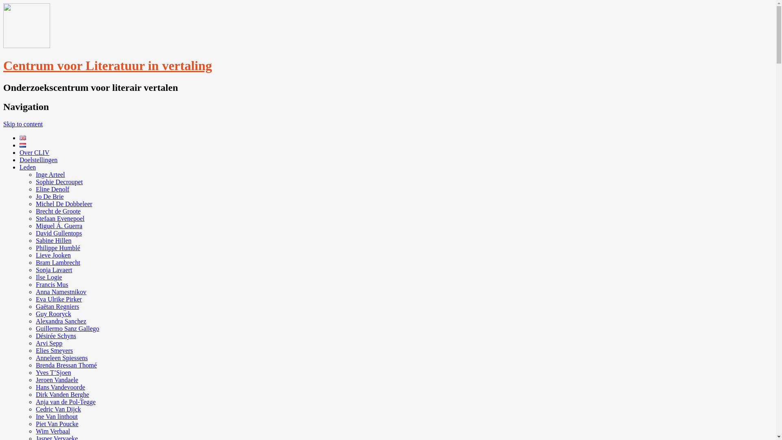  What do you see at coordinates (66, 401) in the screenshot?
I see `'Anja van de Pol-Tegge'` at bounding box center [66, 401].